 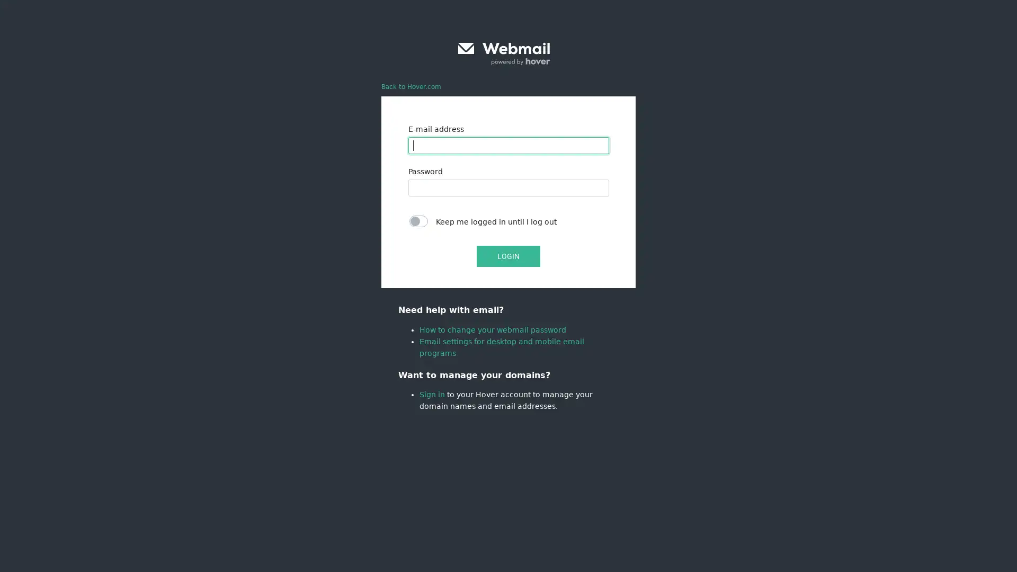 What do you see at coordinates (508, 256) in the screenshot?
I see `LOGIN` at bounding box center [508, 256].